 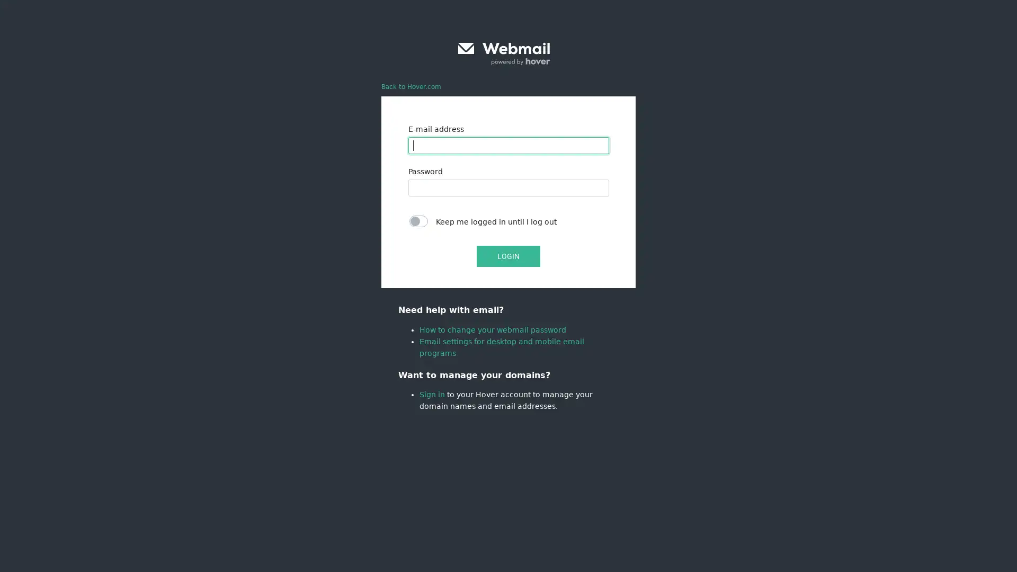 What do you see at coordinates (508, 256) in the screenshot?
I see `LOGIN` at bounding box center [508, 256].